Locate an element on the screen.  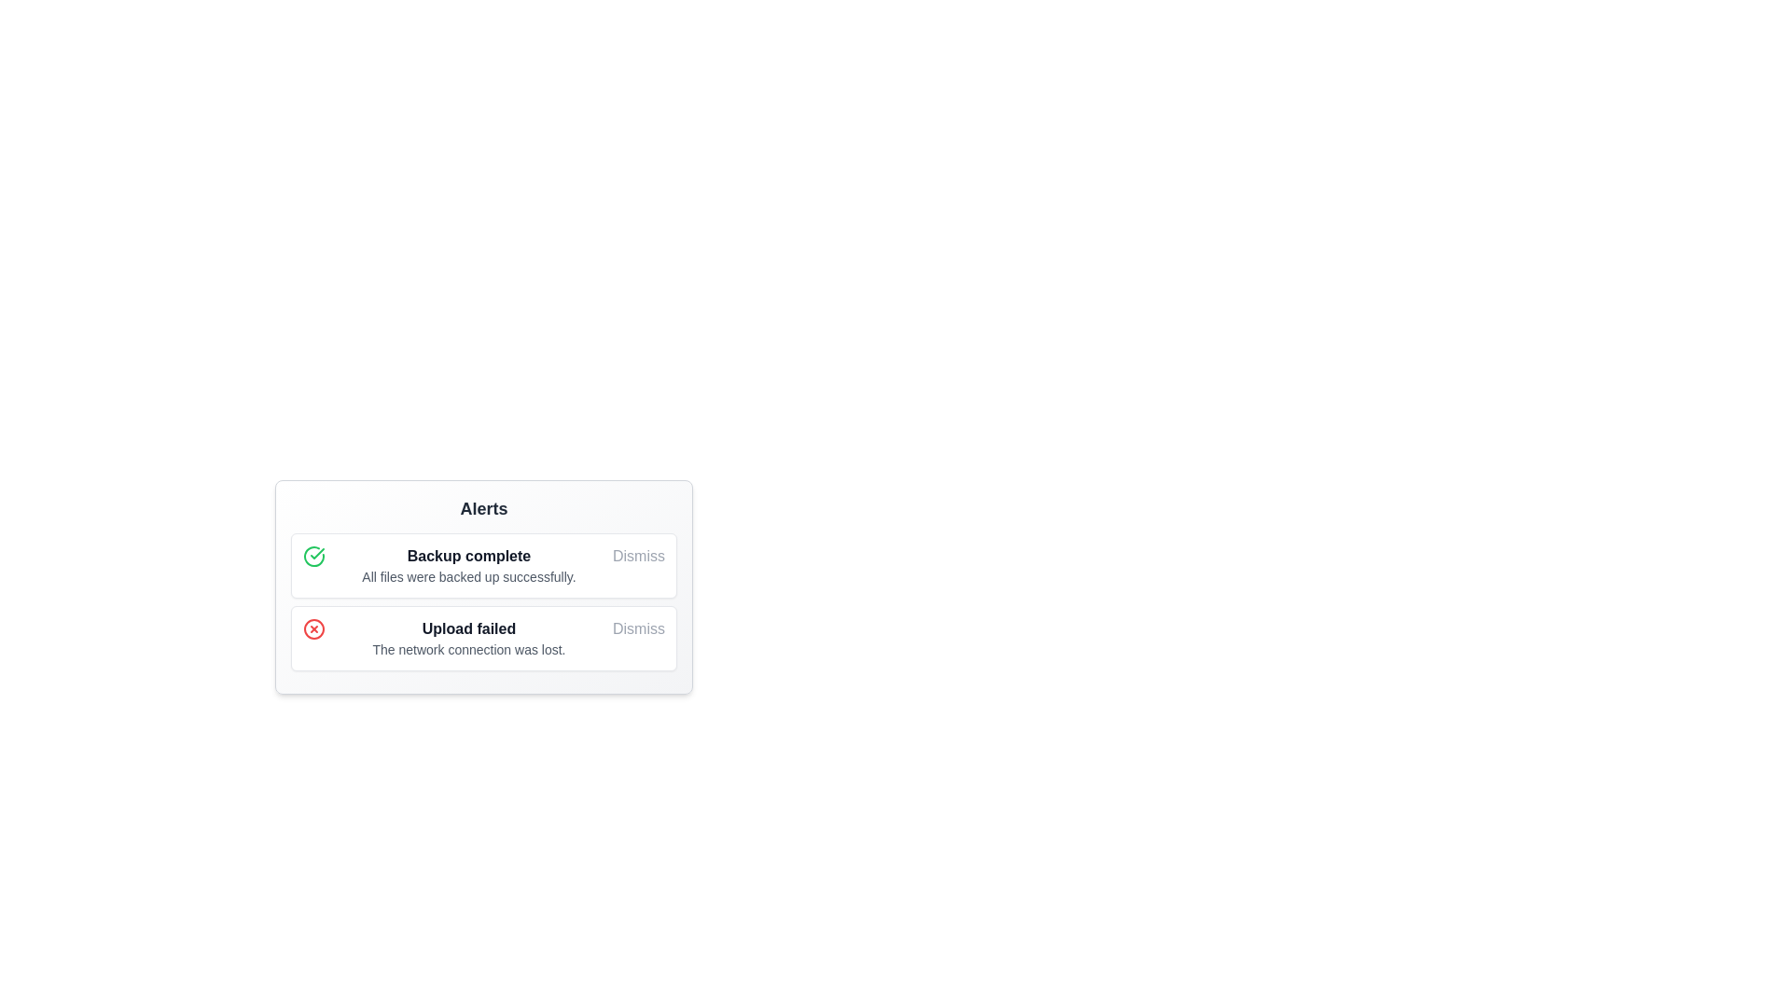
the 'Dismiss' button, which is a clickable text button styled in gray that changes to red on hover, located at the right side of the notification message indicating a failed upload attempt is located at coordinates (639, 629).